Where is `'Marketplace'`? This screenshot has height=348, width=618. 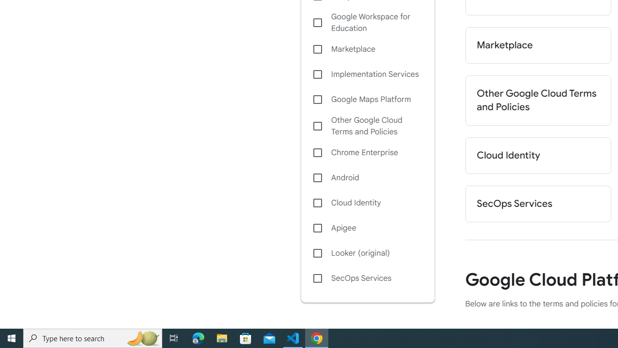
'Marketplace' is located at coordinates (537, 45).